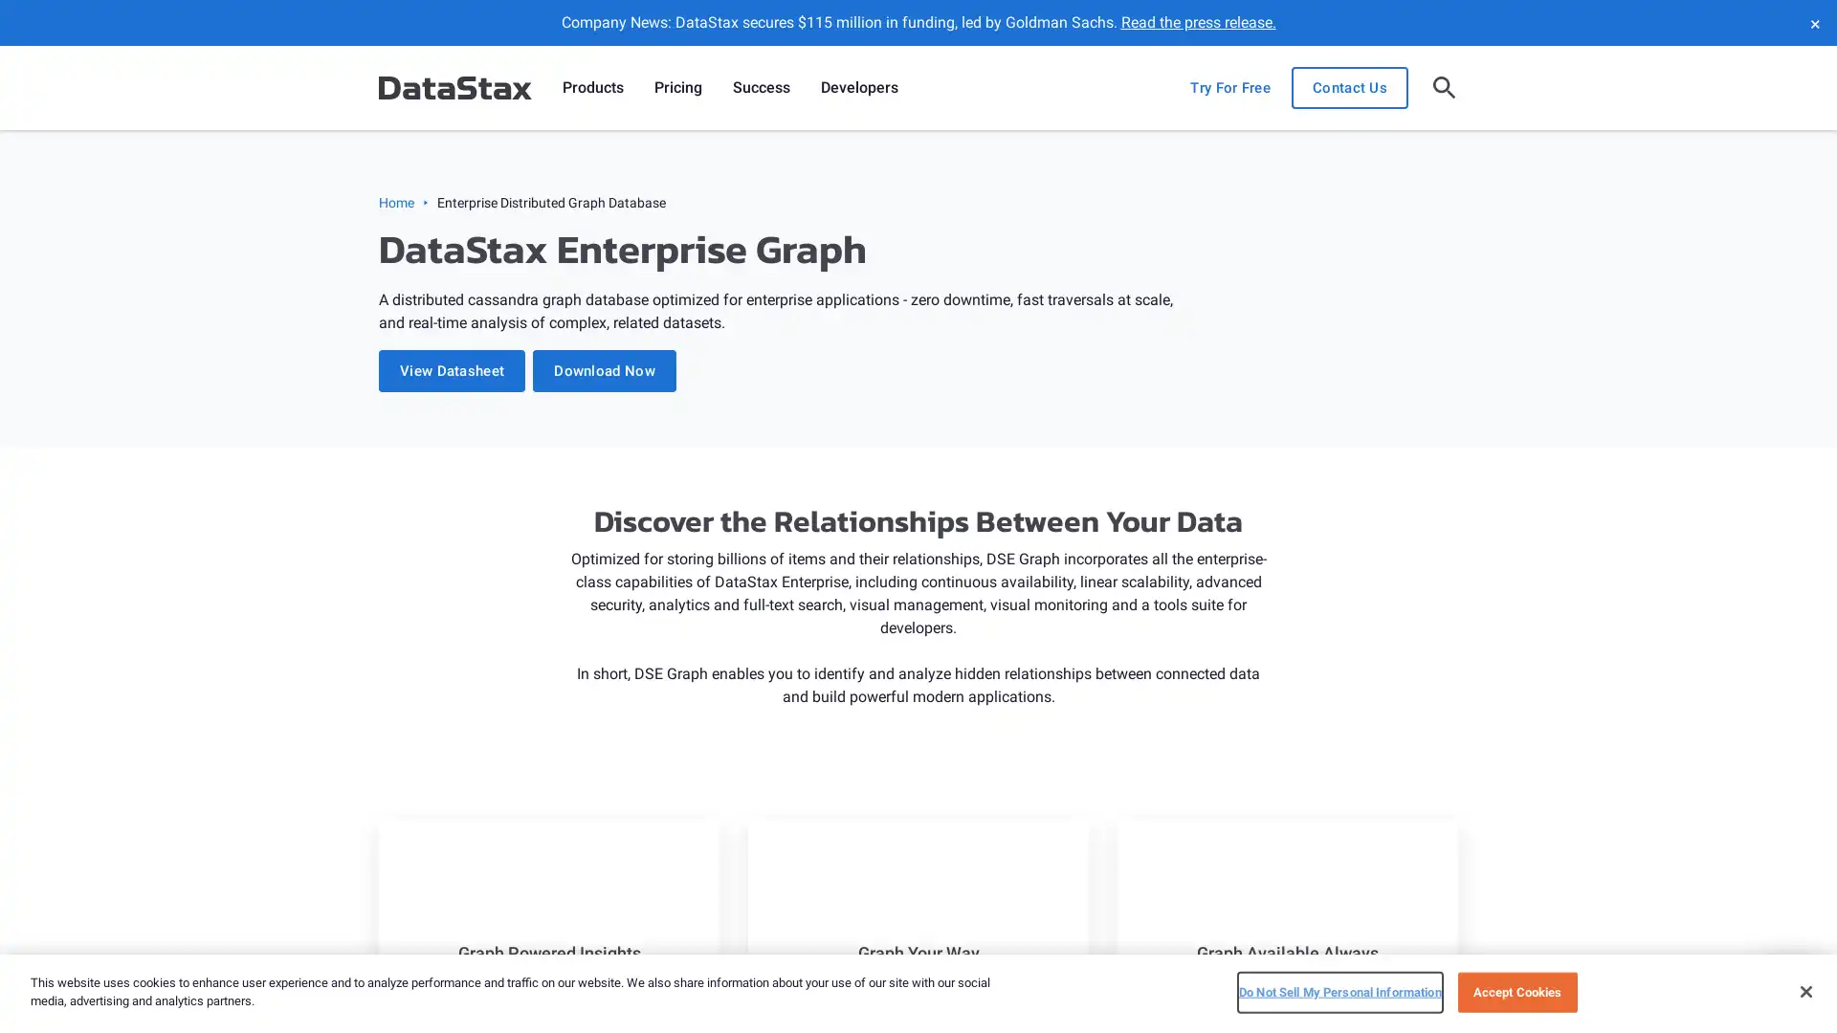 The image size is (1837, 1033). Describe the element at coordinates (1788, 984) in the screenshot. I see `Open Intercom Messenger` at that location.